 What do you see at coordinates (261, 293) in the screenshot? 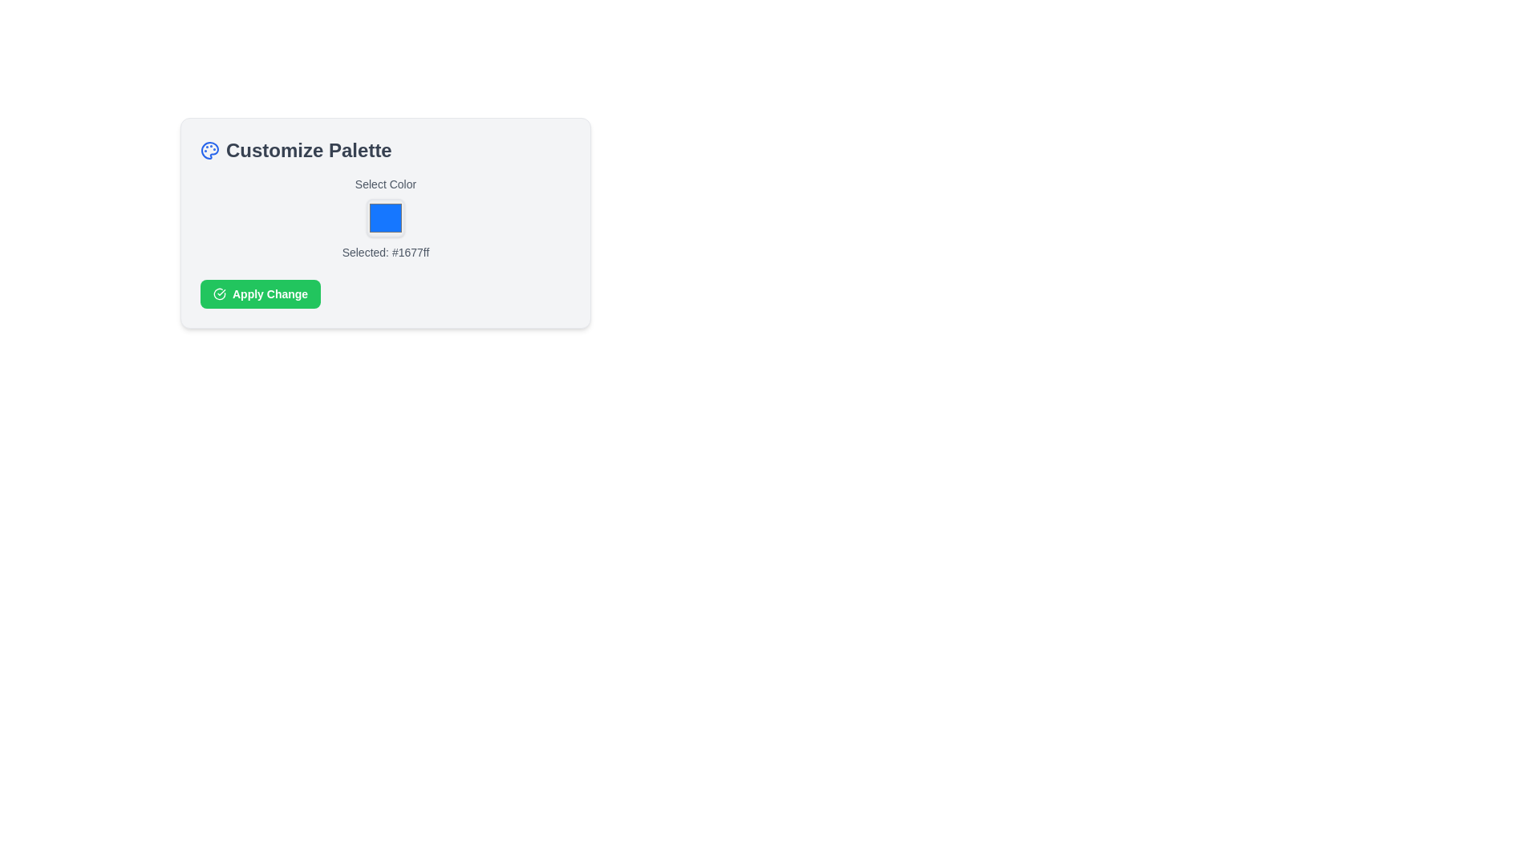
I see `the confirmation button located at the bottom-left corner of the 'Customize Palette' card to indicate selection` at bounding box center [261, 293].